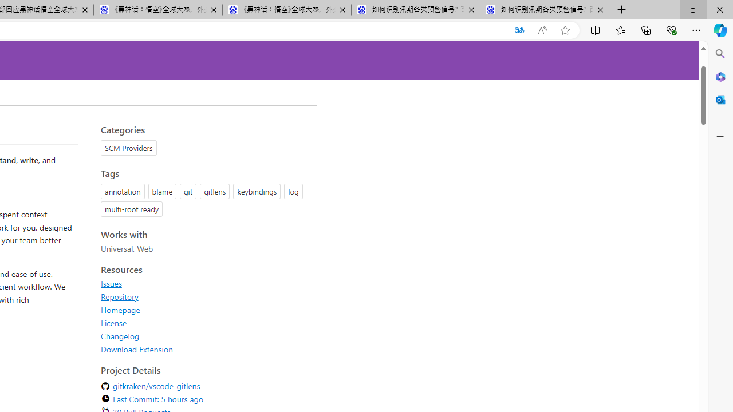  I want to click on 'Repository', so click(120, 296).